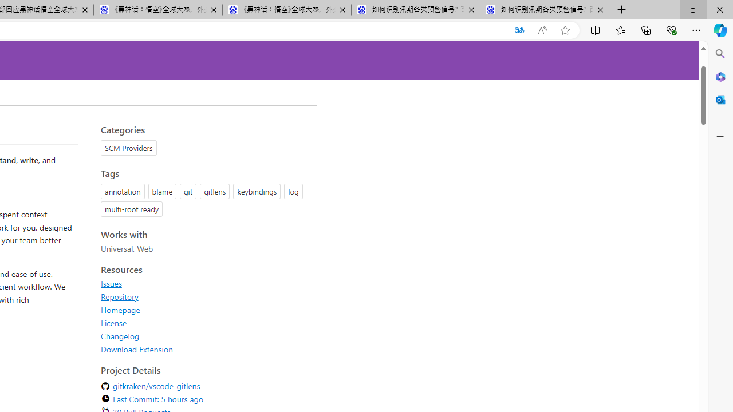  I want to click on 'Repository', so click(120, 296).